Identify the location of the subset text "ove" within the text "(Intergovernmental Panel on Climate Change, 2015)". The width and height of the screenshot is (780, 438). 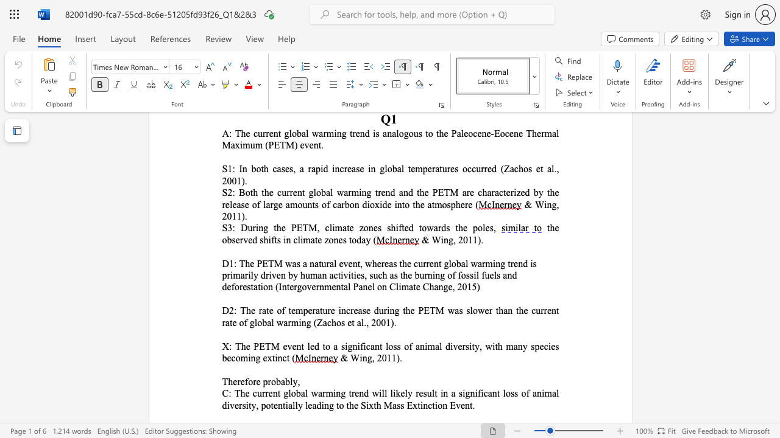
(302, 287).